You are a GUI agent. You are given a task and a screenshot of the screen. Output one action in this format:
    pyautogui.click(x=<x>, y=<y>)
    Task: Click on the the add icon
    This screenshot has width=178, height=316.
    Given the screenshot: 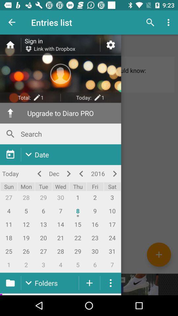 What is the action you would take?
    pyautogui.click(x=159, y=254)
    